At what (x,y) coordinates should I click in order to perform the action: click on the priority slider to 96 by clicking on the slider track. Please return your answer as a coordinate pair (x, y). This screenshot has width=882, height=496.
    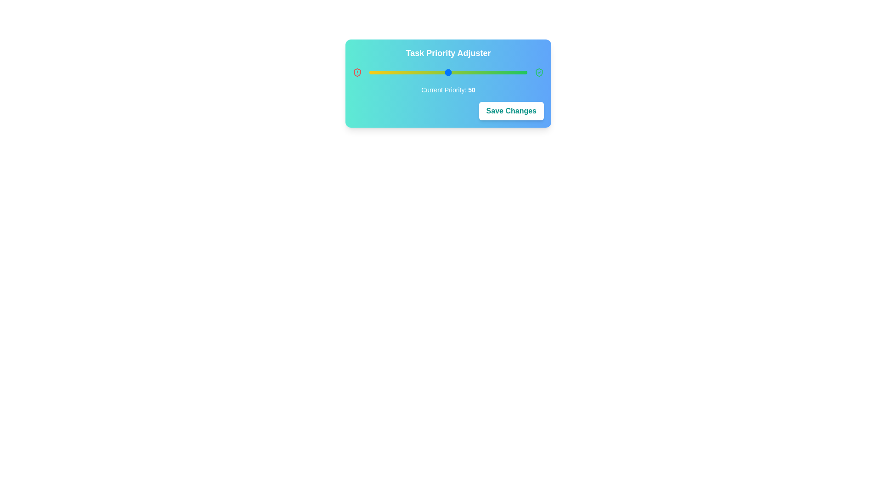
    Looking at the image, I should click on (521, 72).